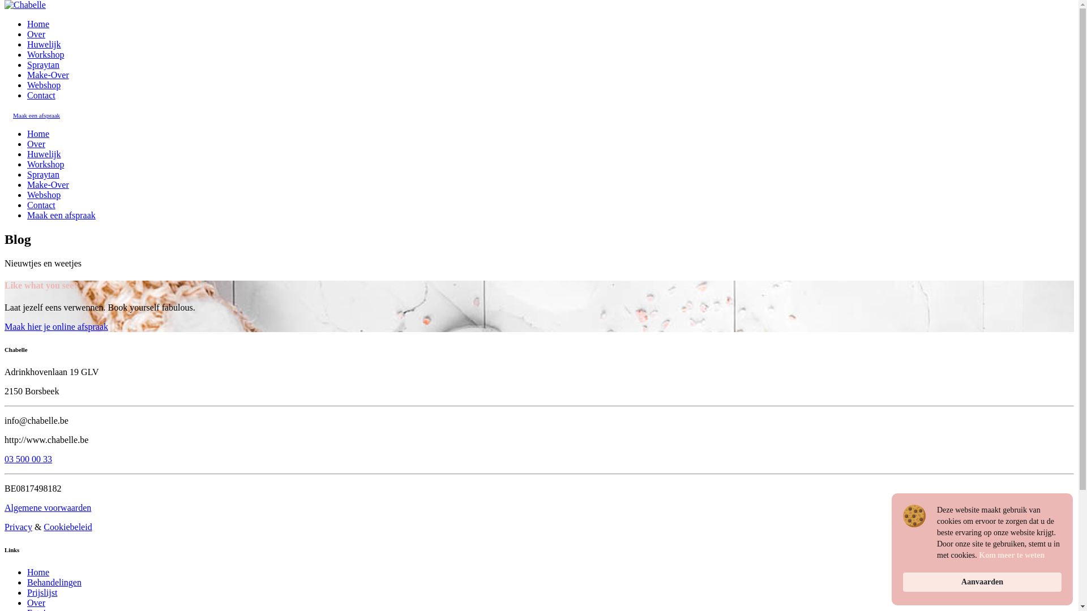  Describe the element at coordinates (36, 143) in the screenshot. I see `'Over'` at that location.